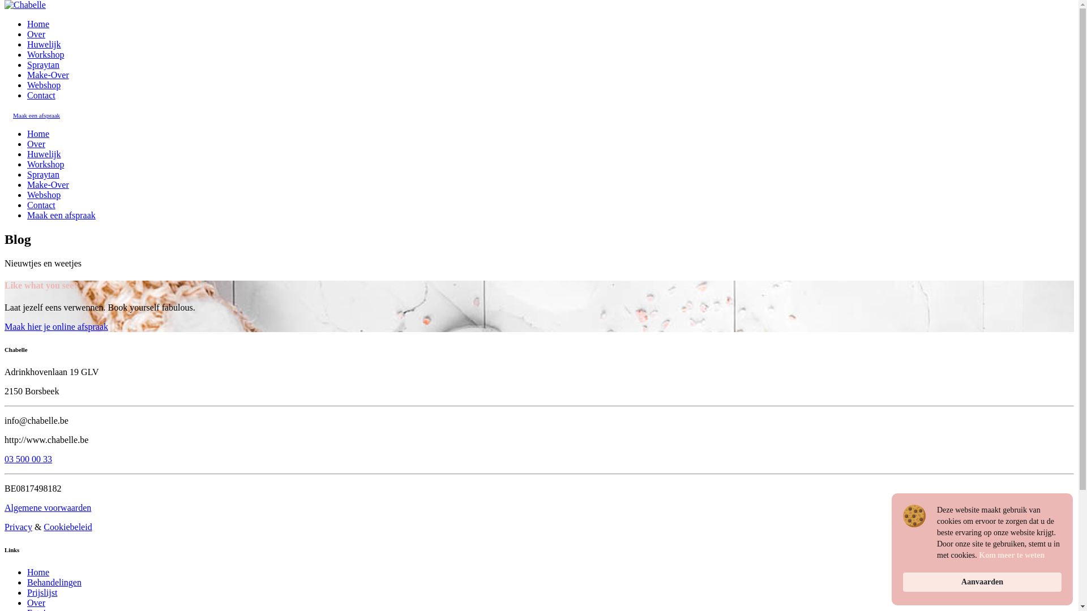  Describe the element at coordinates (36, 143) in the screenshot. I see `'Over'` at that location.